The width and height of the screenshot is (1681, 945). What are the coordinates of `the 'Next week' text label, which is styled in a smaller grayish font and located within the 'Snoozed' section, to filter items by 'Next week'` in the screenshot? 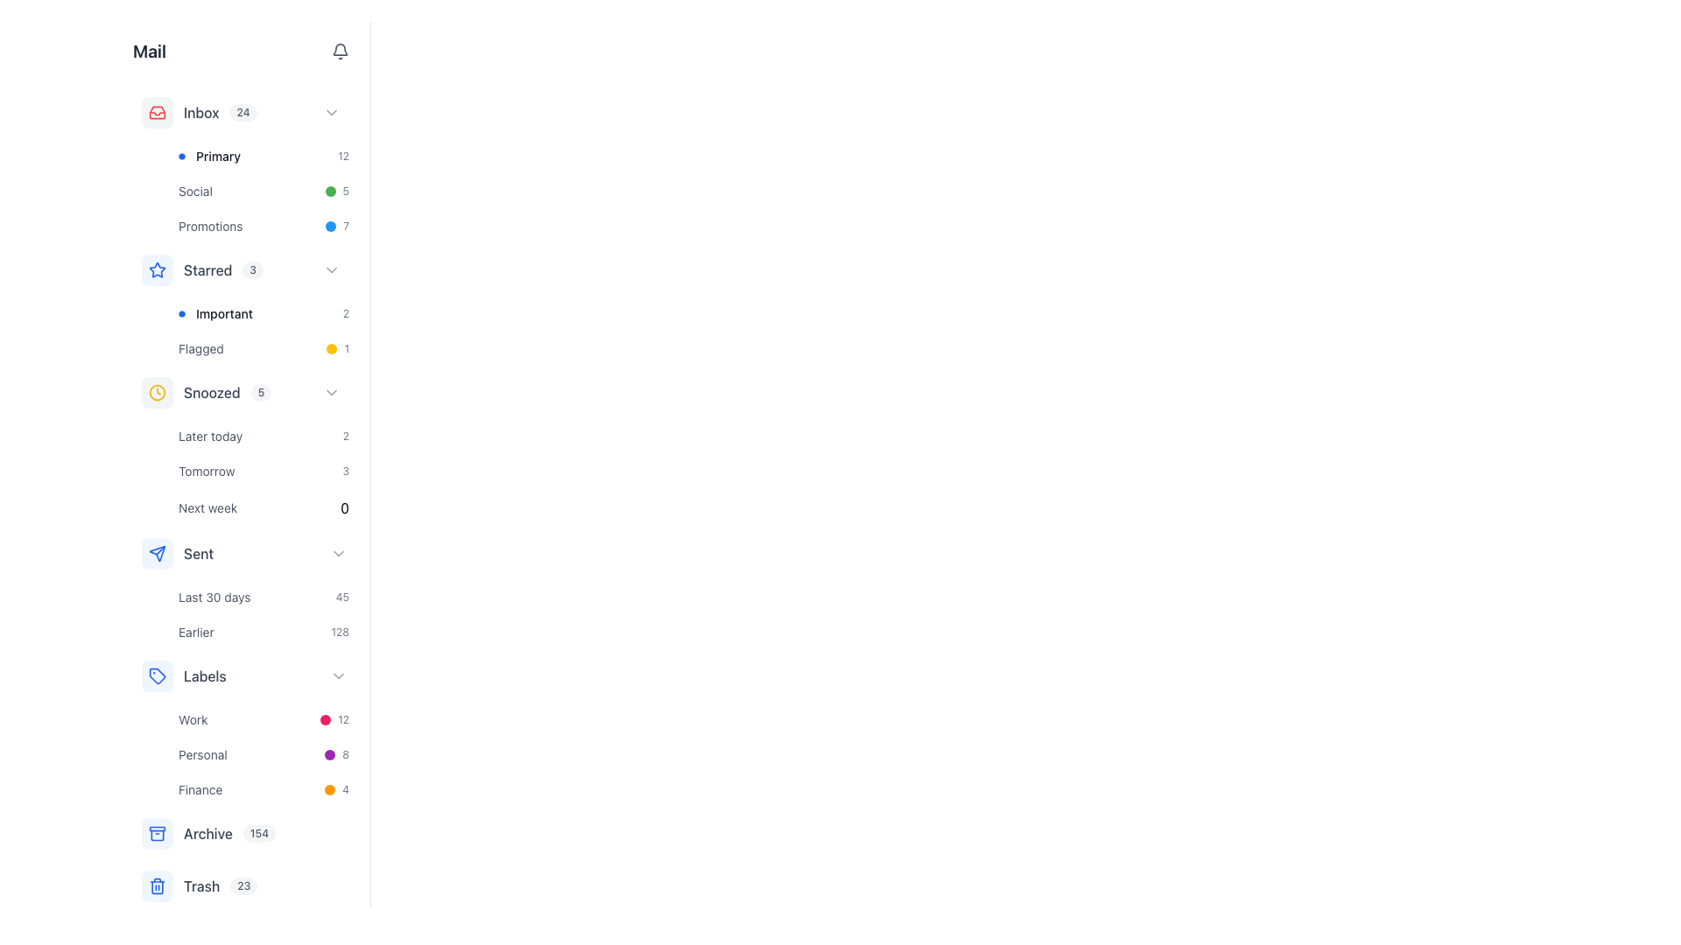 It's located at (207, 508).